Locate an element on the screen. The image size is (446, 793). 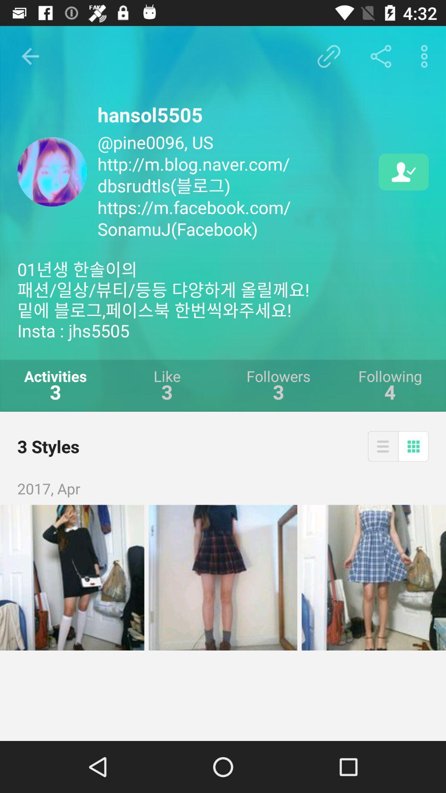
advertisement friend is located at coordinates (403, 171).